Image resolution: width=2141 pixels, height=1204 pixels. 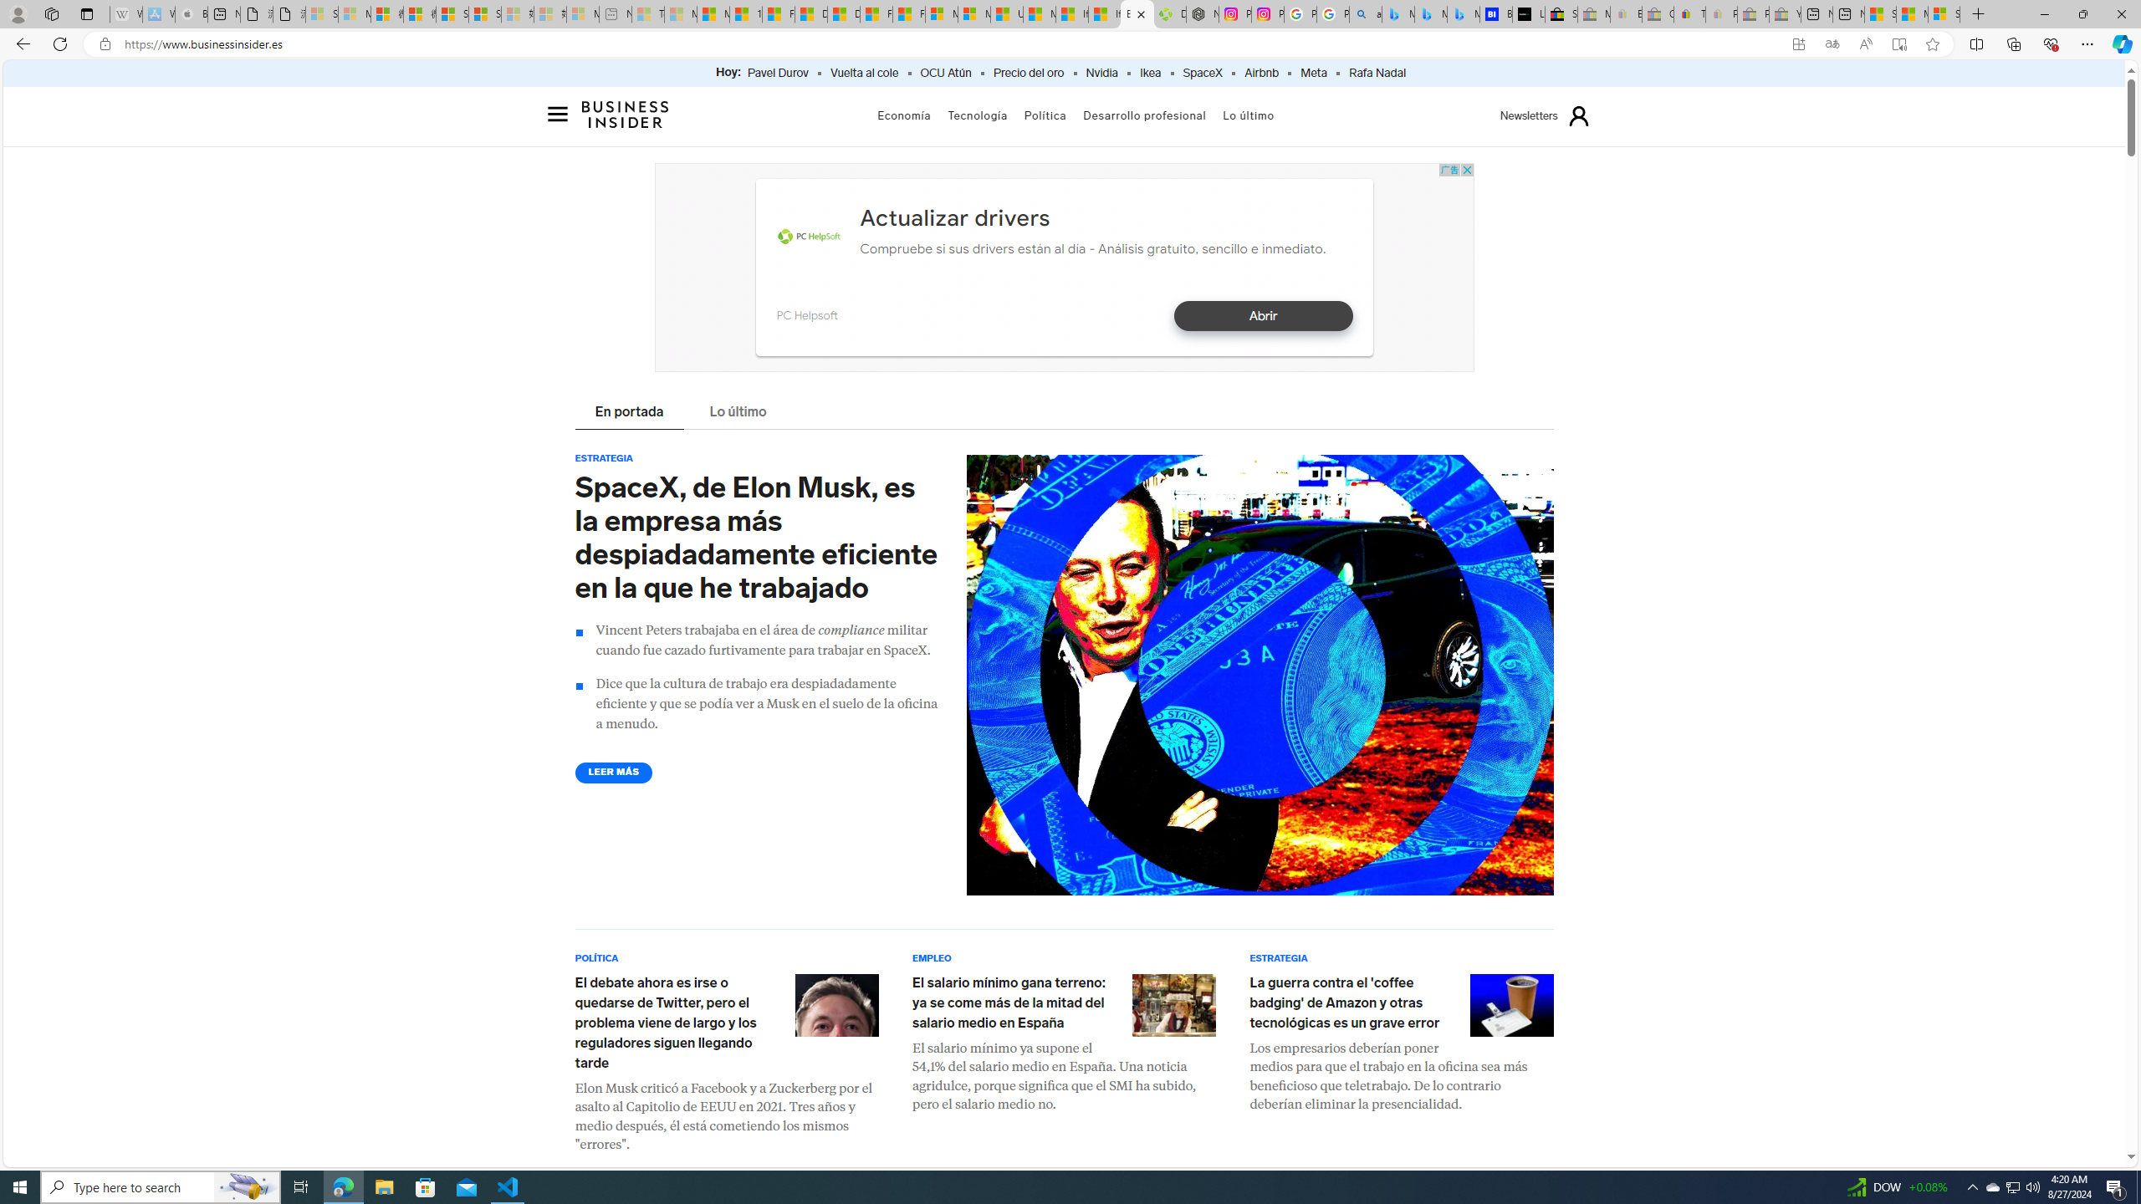 I want to click on 'Wikipedia - Sleeping', so click(x=125, y=13).